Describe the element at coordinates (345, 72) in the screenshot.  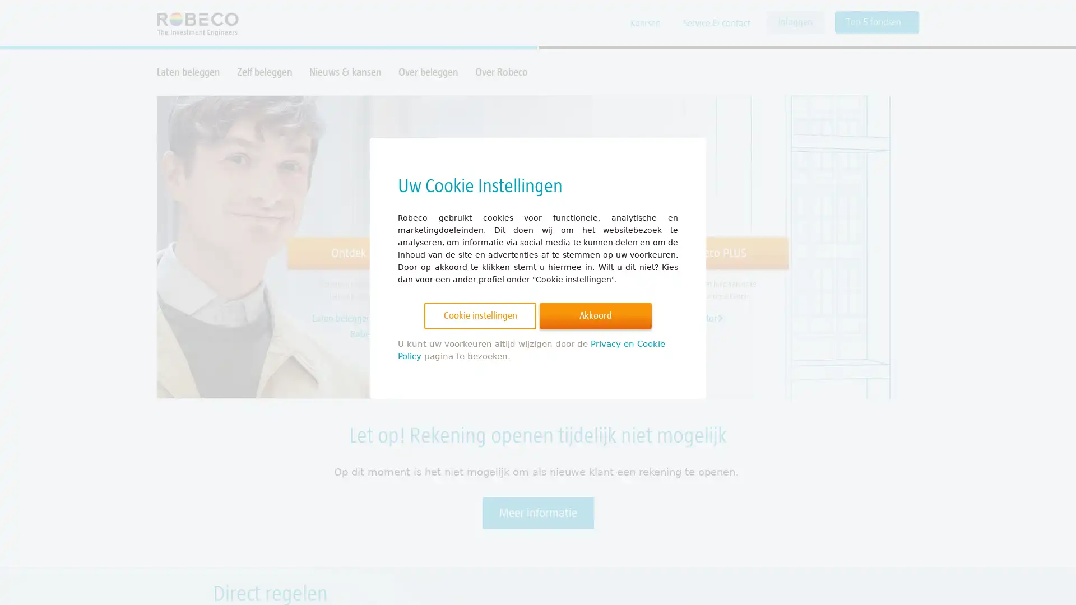
I see `Nieuws & kansen` at that location.